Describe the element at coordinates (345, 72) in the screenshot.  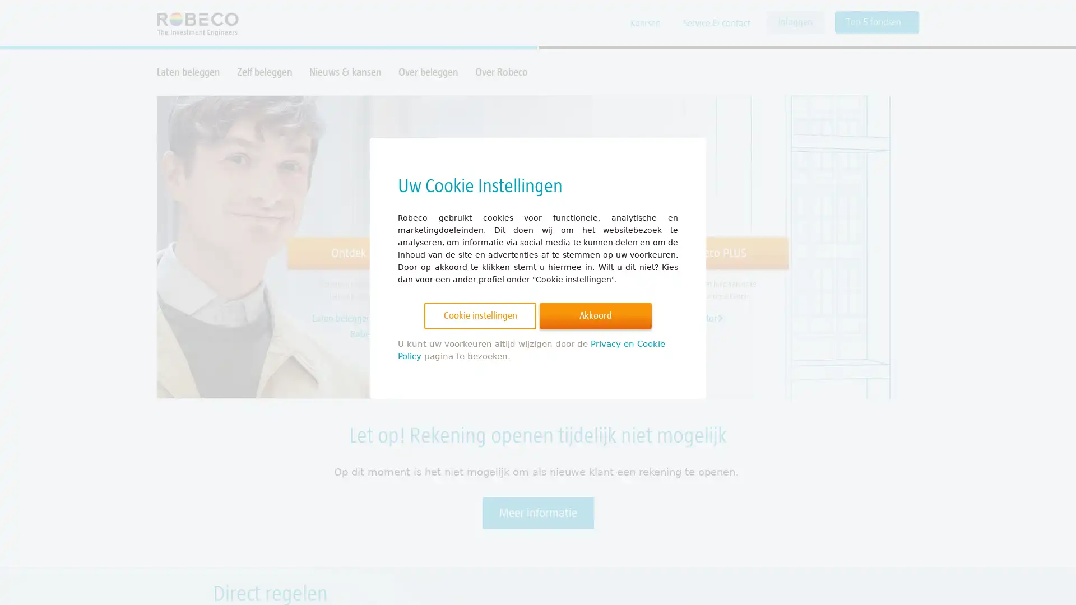
I see `Nieuws & kansen` at that location.